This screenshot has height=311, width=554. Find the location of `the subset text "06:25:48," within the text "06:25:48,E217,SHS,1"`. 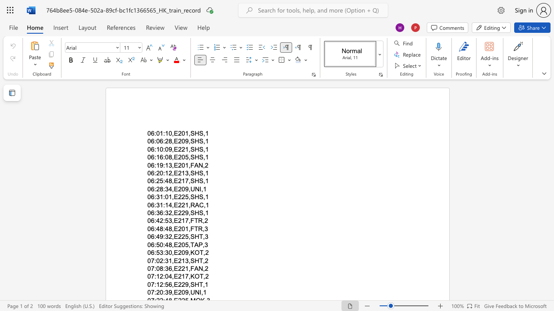

the subset text "06:25:48," within the text "06:25:48,E217,SHS,1" is located at coordinates (147, 181).